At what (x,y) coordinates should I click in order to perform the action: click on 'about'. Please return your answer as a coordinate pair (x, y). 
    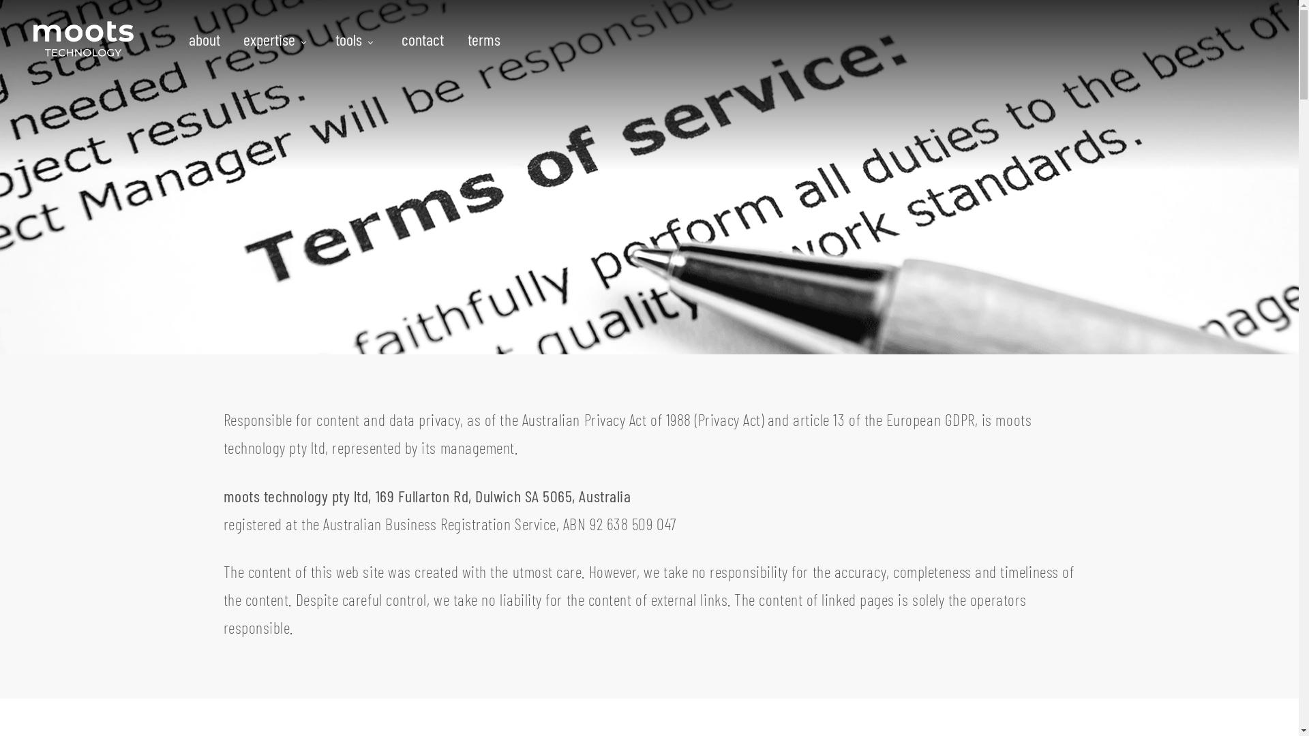
    Looking at the image, I should click on (209, 38).